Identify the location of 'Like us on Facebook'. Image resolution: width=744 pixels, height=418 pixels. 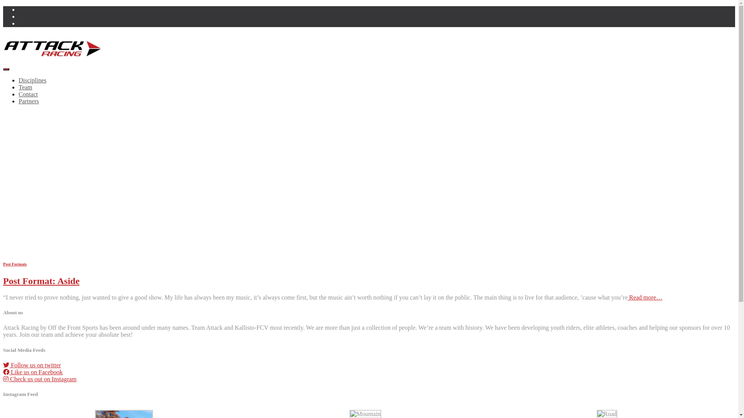
(33, 372).